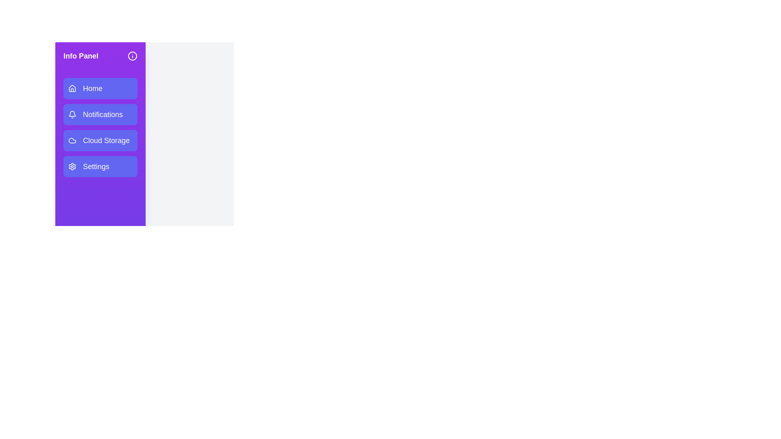  What do you see at coordinates (100, 89) in the screenshot?
I see `the 'Home' menu item in the InfoDrawerPanel` at bounding box center [100, 89].